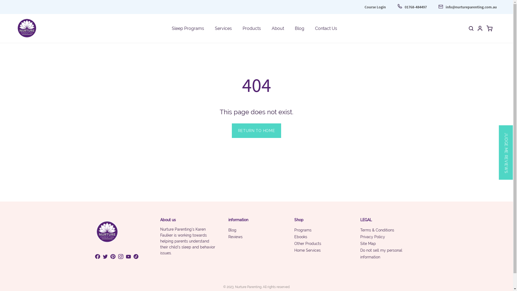 The width and height of the screenshot is (517, 291). Describe the element at coordinates (299, 28) in the screenshot. I see `'Blog'` at that location.